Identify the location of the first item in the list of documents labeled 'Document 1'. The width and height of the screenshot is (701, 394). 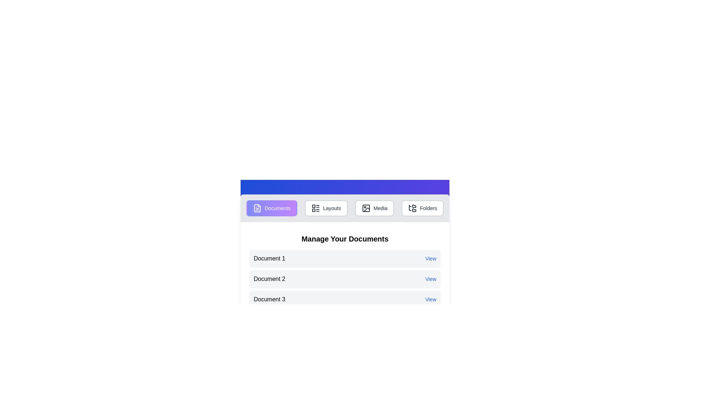
(345, 258).